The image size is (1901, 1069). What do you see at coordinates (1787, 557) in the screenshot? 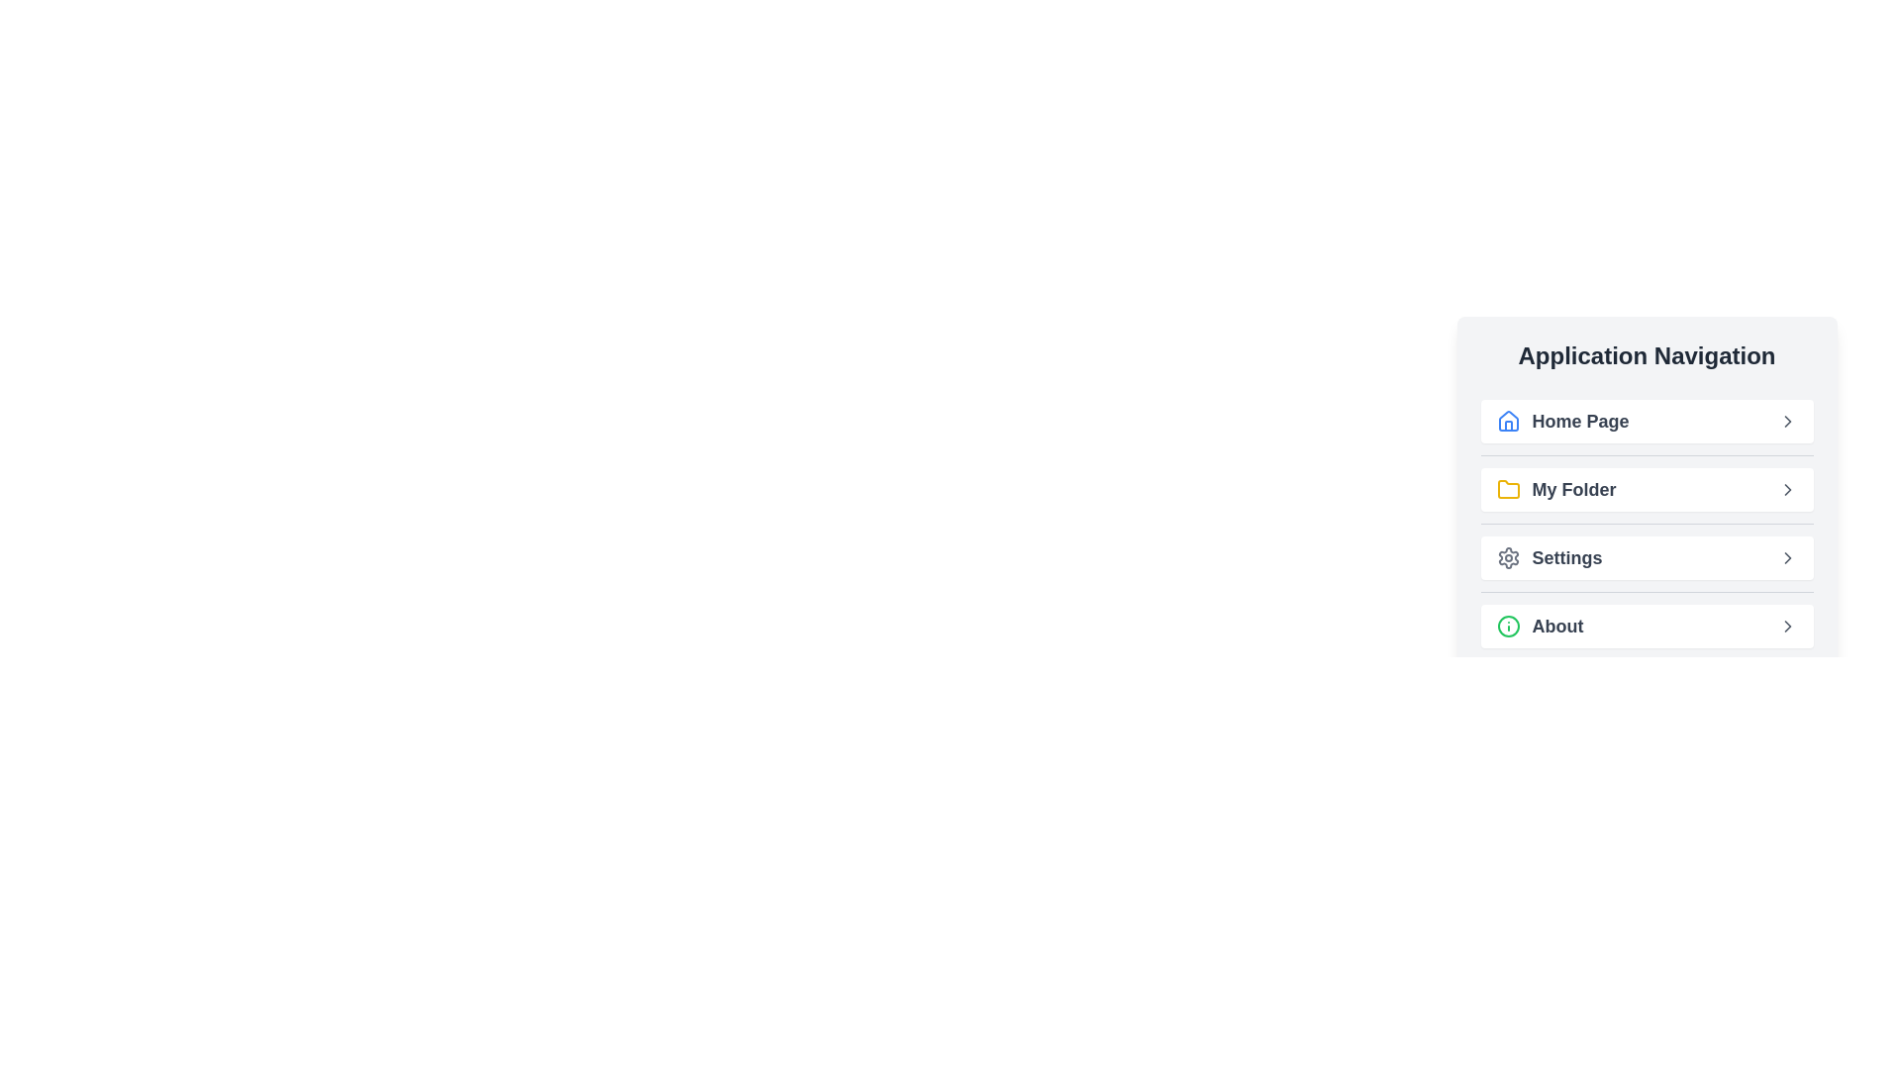
I see `the small, right-pointing gray chevron icon located adjacent to the 'Settings' text in the 'Application Navigation' menu` at bounding box center [1787, 557].